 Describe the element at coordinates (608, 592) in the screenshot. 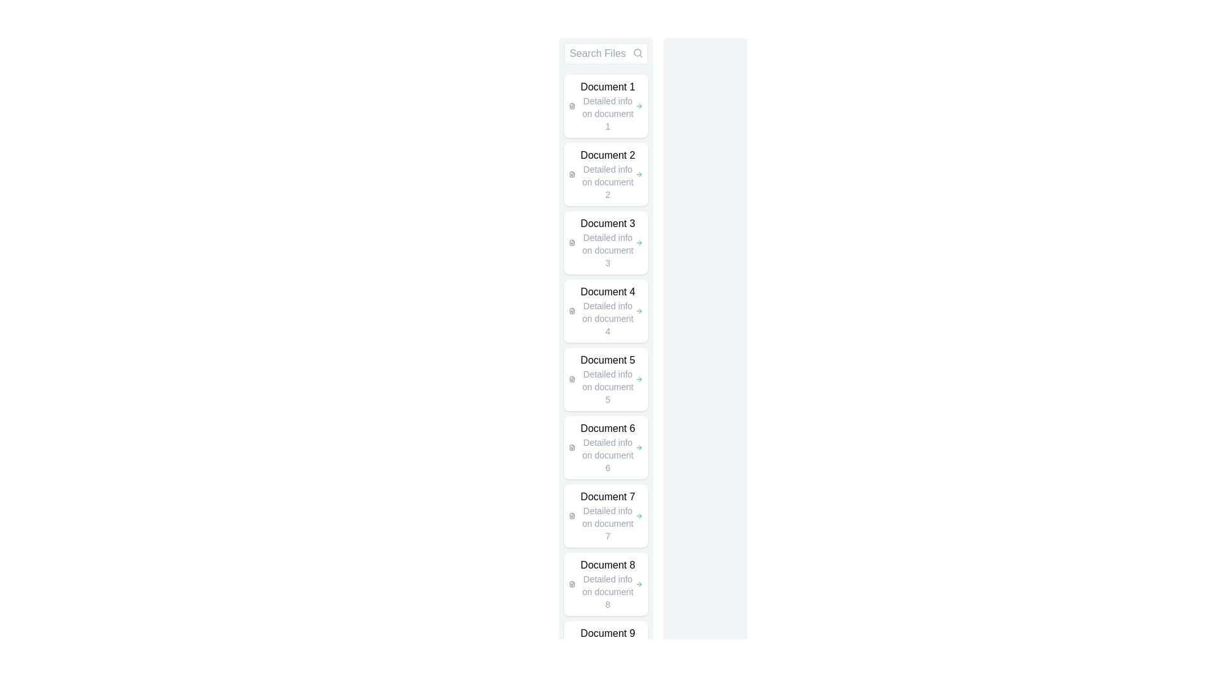

I see `text block displaying 'Detailed info on document 8', which is styled with a smaller gray font and aligned left, located as the second line in the entry for 'Document 8'` at that location.